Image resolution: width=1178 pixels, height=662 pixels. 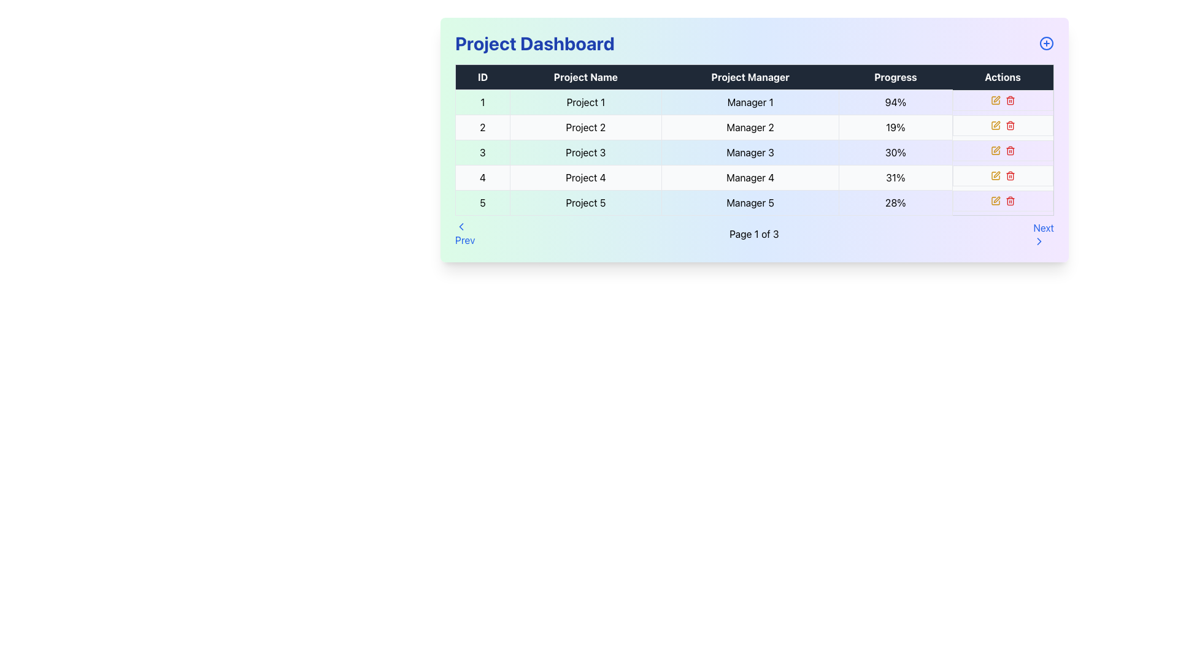 I want to click on the Table Header that denotes the column displaying project managers, which is the third header following 'ID' and 'Project Name', so click(x=750, y=77).